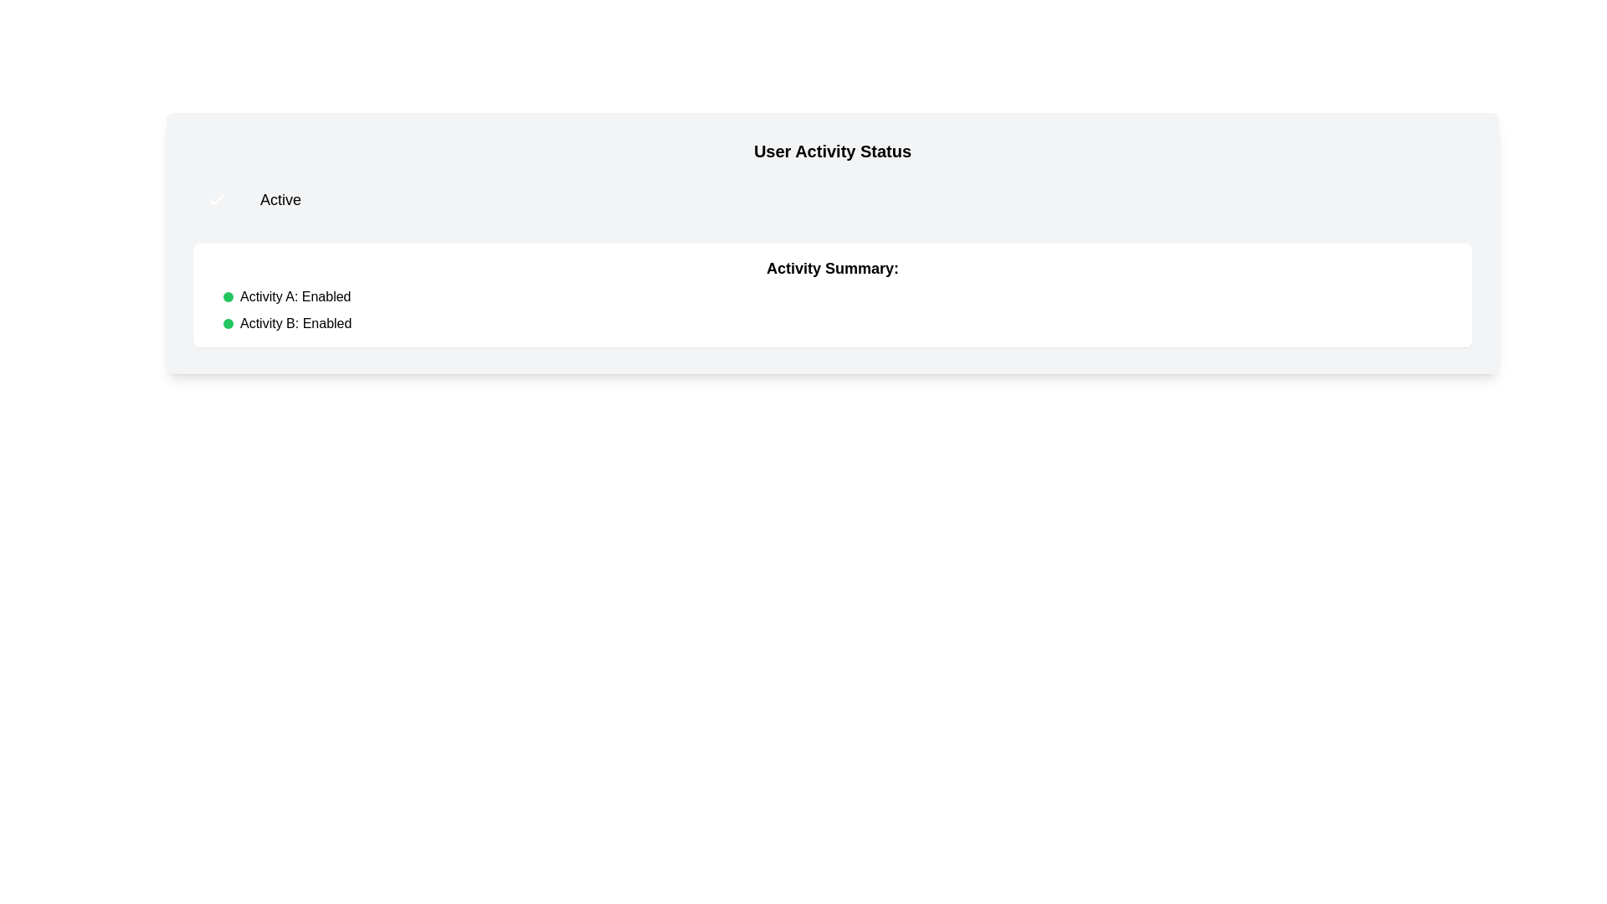 The width and height of the screenshot is (1607, 904). Describe the element at coordinates (228, 323) in the screenshot. I see `the Status Indicator that visually conveys the status of Activity B as 'Enabled' through its green color, positioned next to the text 'Activity B: Enabled'` at that location.